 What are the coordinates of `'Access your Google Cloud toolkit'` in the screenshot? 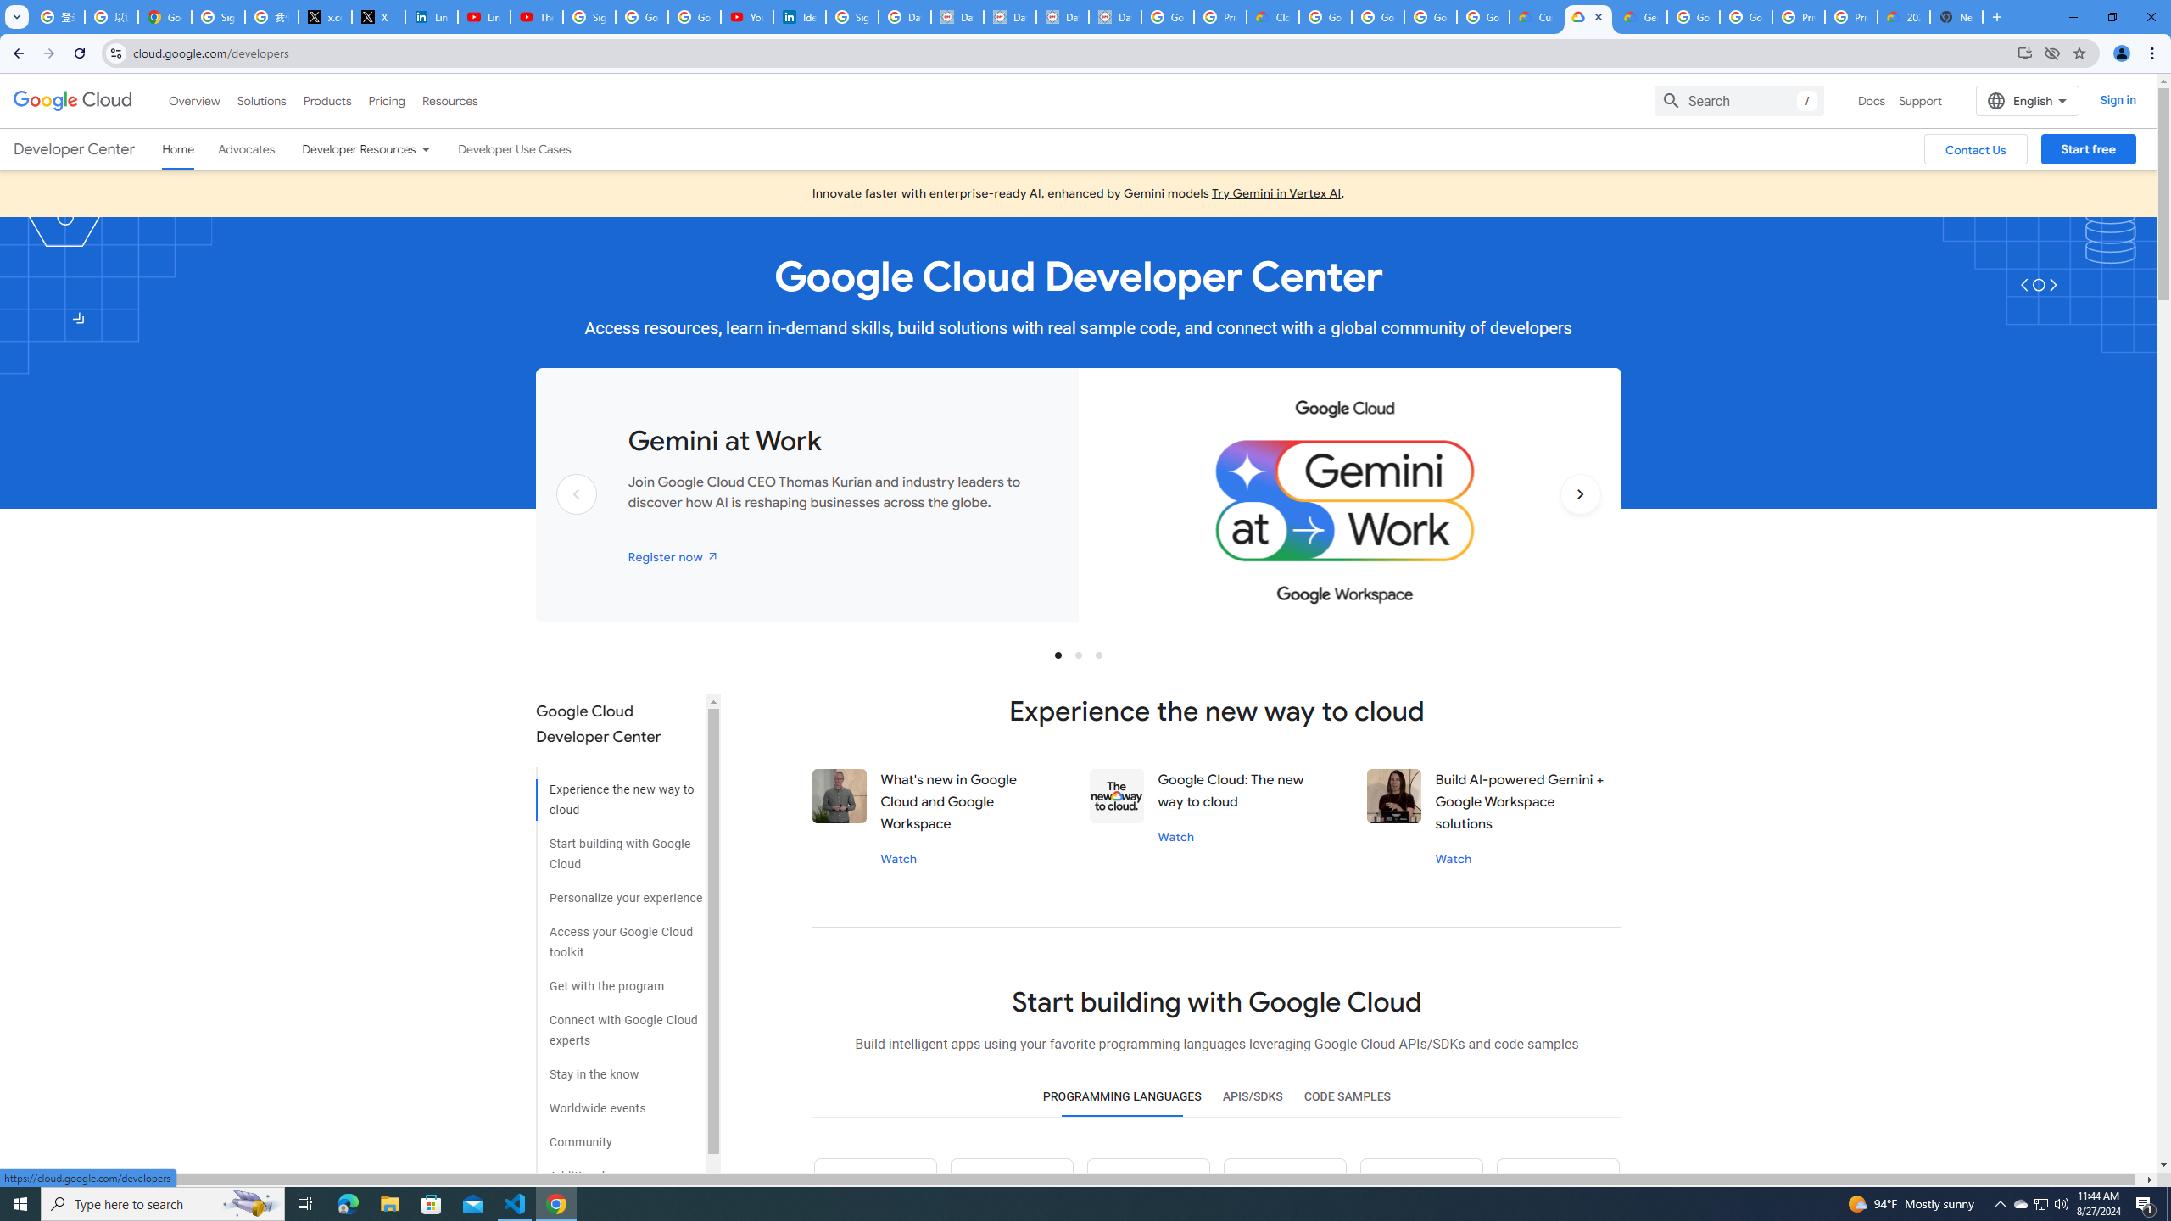 It's located at (618, 934).